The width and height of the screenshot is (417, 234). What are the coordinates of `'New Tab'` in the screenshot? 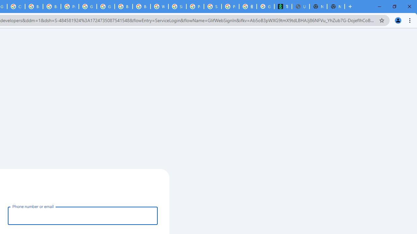 It's located at (336, 6).